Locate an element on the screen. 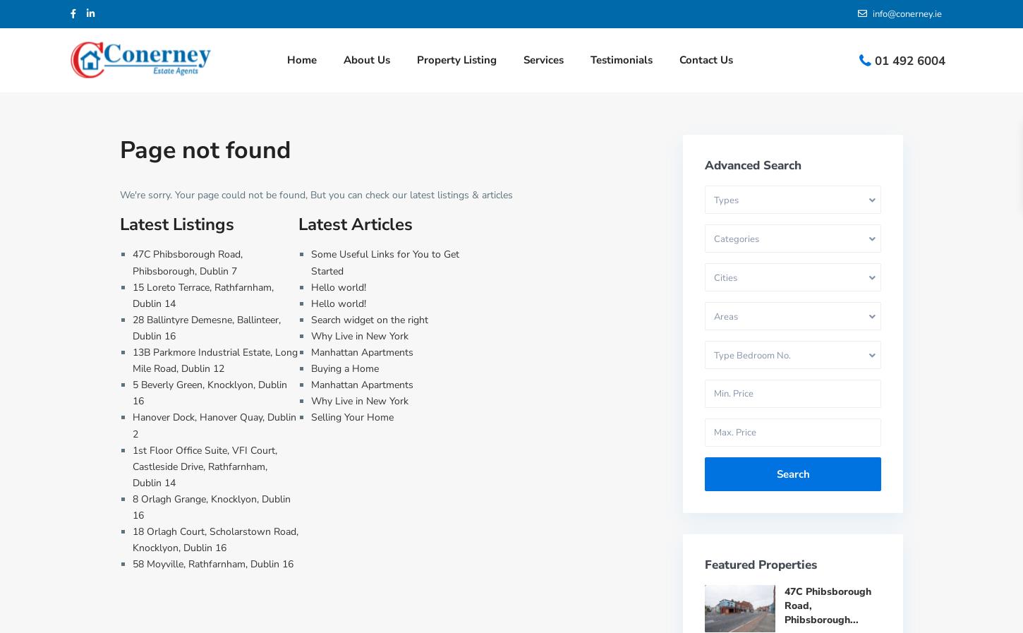  'Hanover Dock, Hanover Quay, Dublin 2' is located at coordinates (214, 425).